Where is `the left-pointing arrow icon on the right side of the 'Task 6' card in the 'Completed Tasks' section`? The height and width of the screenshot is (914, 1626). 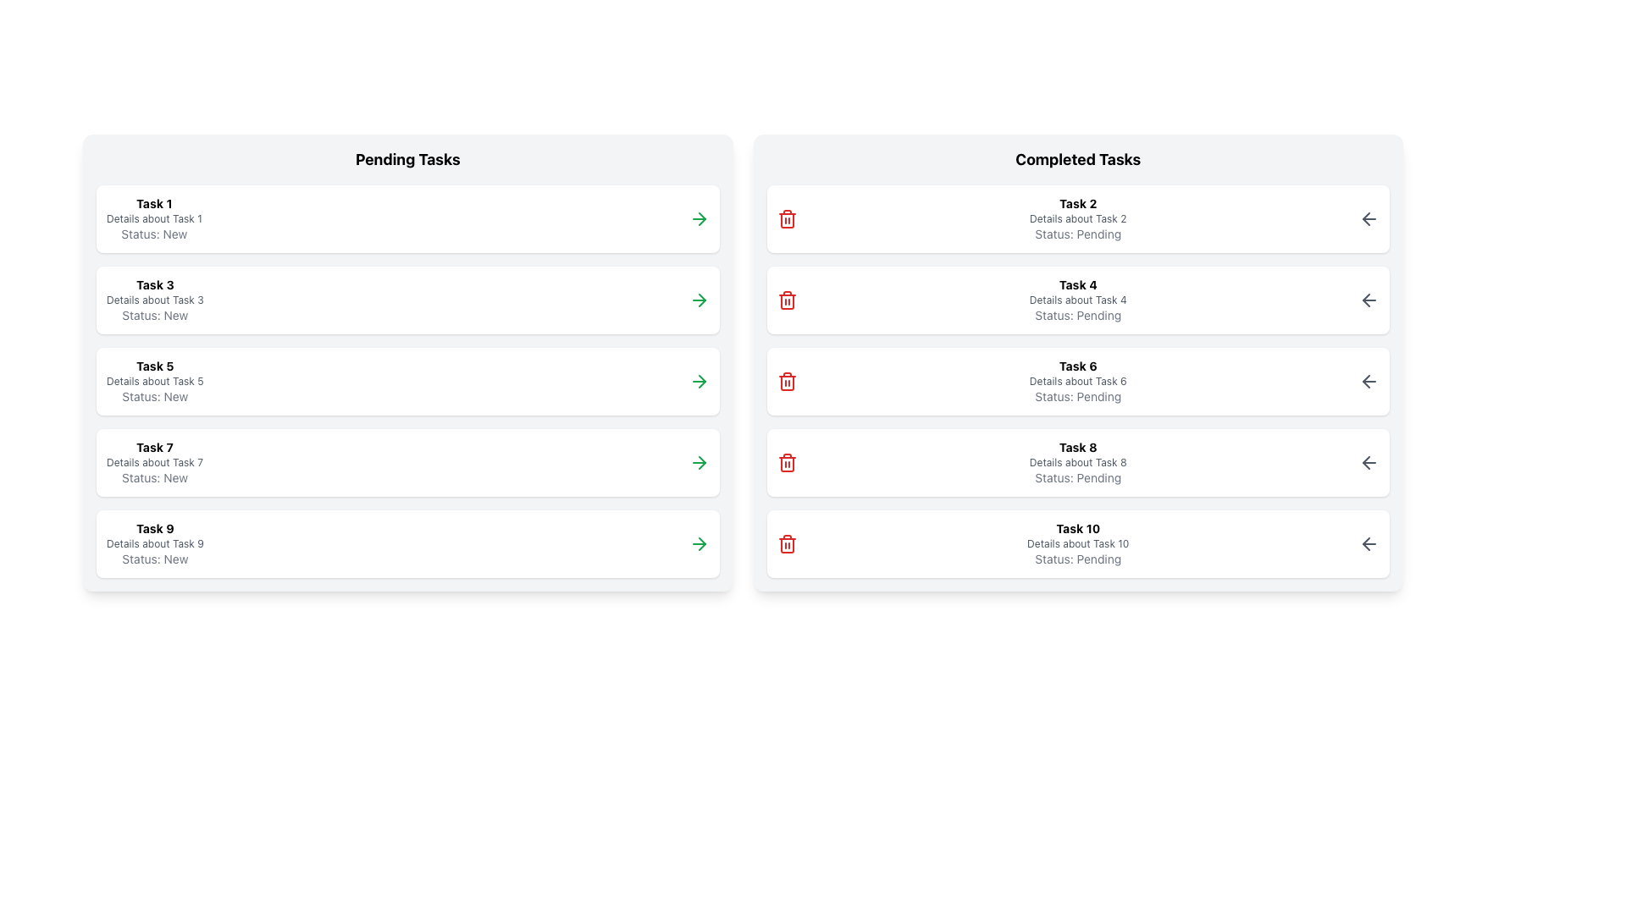
the left-pointing arrow icon on the right side of the 'Task 6' card in the 'Completed Tasks' section is located at coordinates (1369, 382).